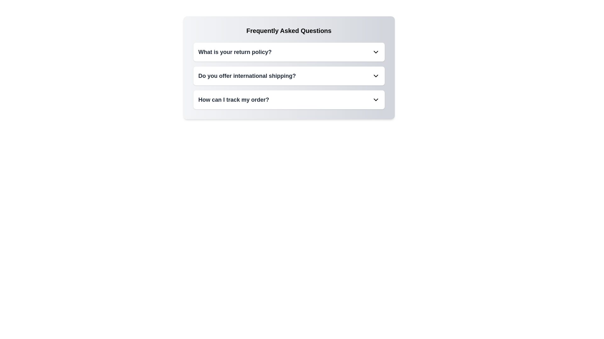 The image size is (604, 339). Describe the element at coordinates (288, 76) in the screenshot. I see `the FAQ item corresponding to Do you offer international shipping? to expand or collapse it` at that location.